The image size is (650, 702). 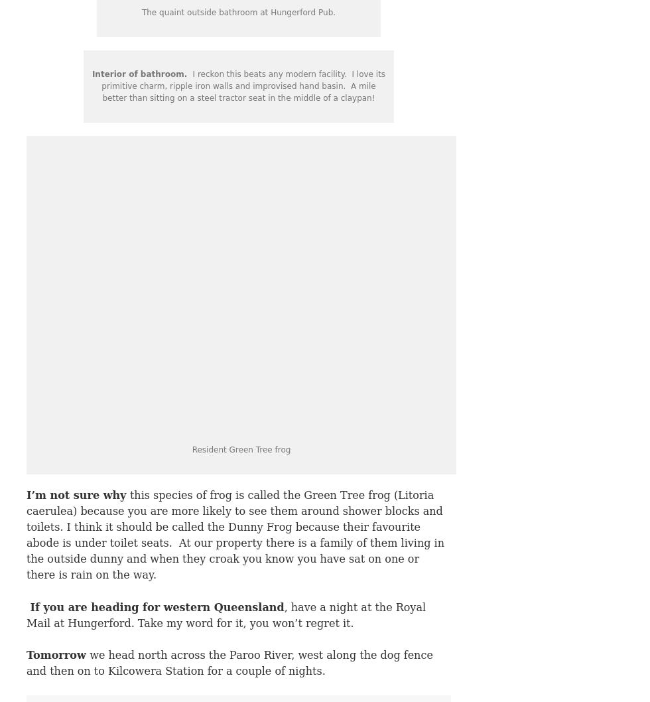 I want to click on 'The quaint outside bathroom at Hungerford Pub.', so click(x=238, y=13).